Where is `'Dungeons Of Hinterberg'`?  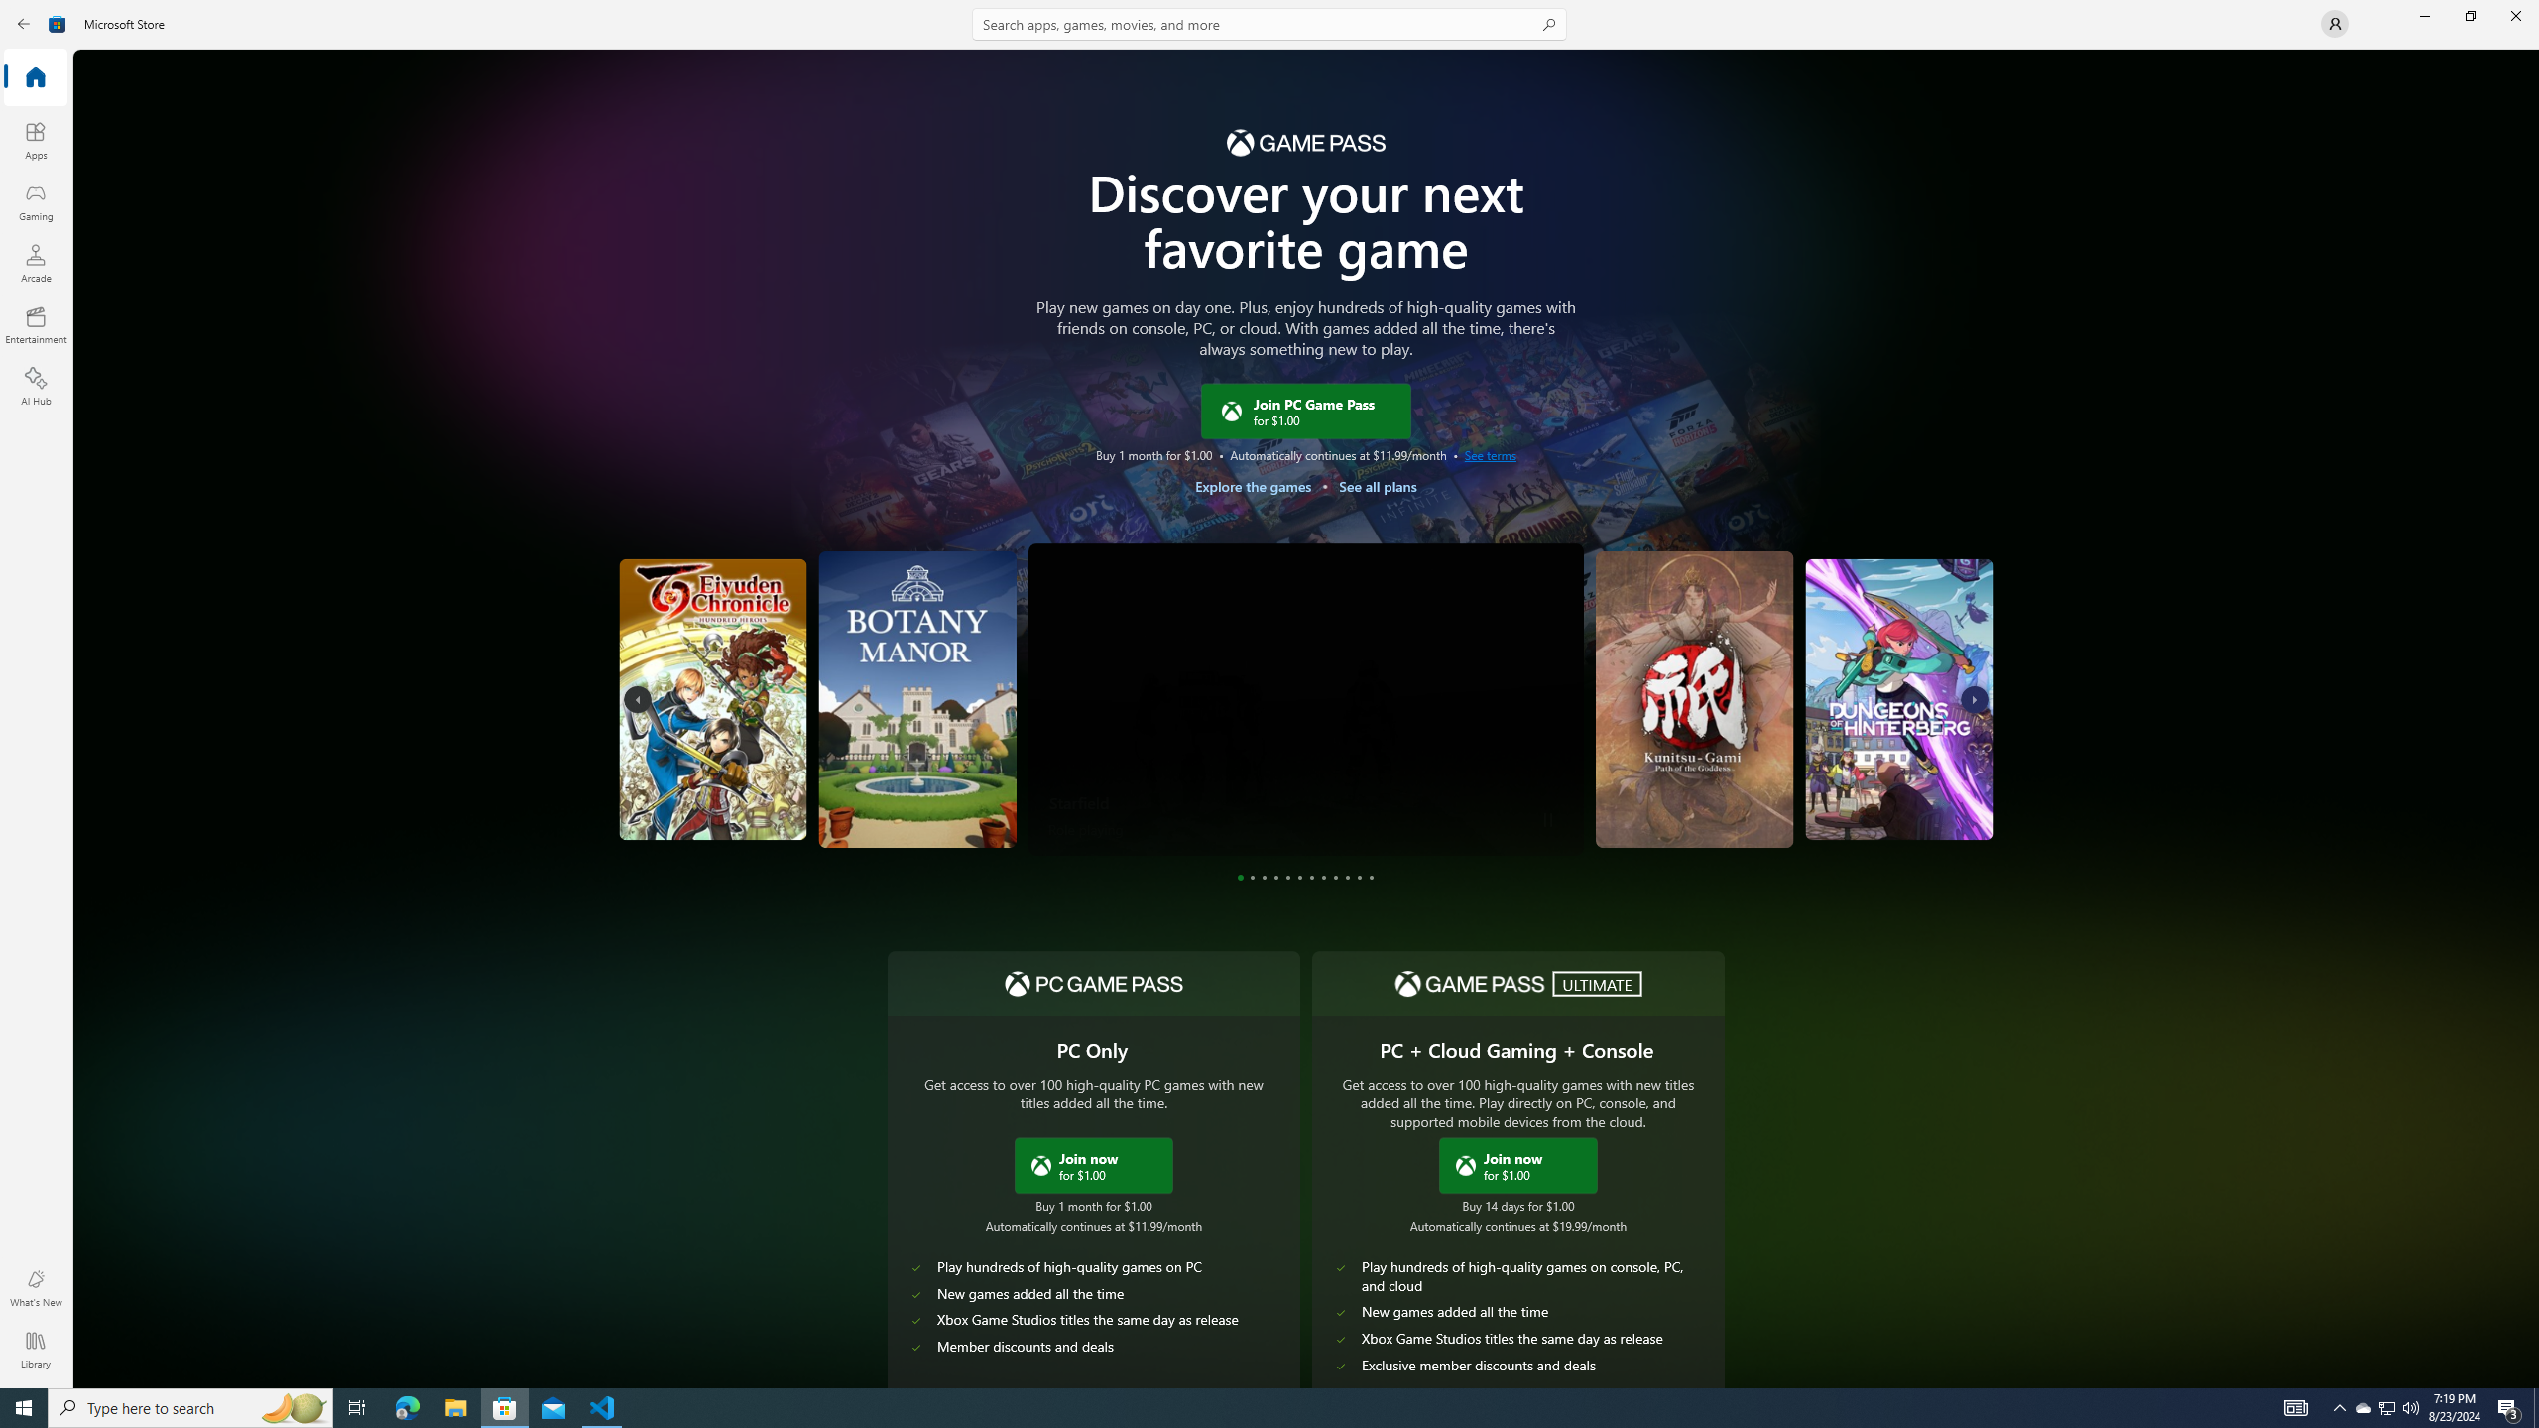 'Dungeons Of Hinterberg' is located at coordinates (1820, 698).